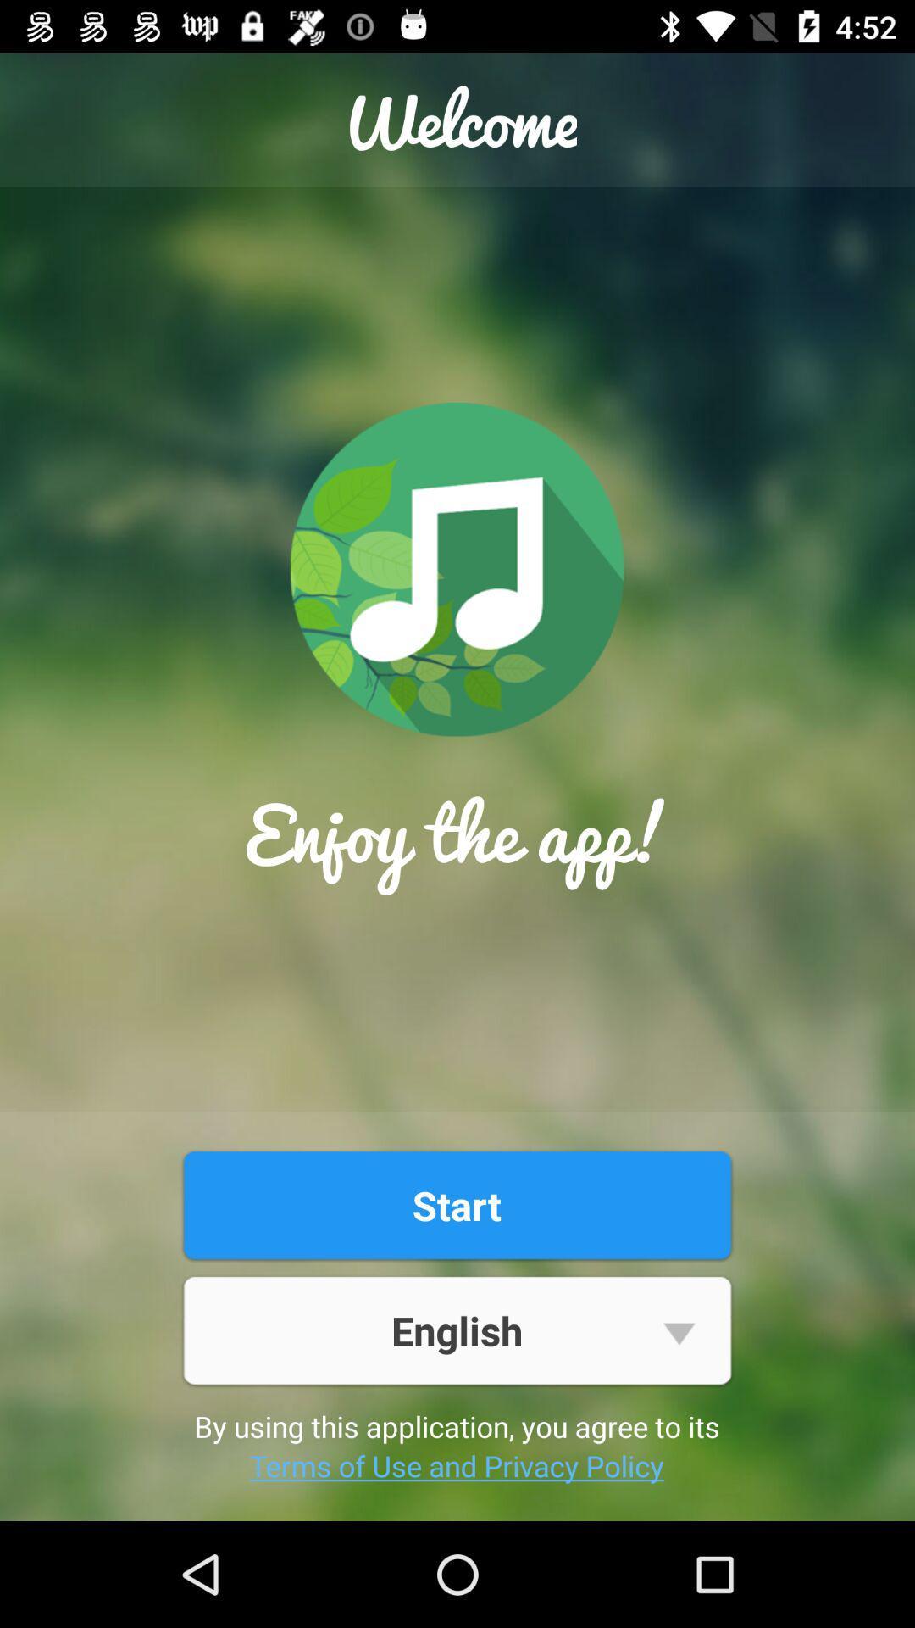 This screenshot has width=915, height=1628. What do you see at coordinates (456, 1204) in the screenshot?
I see `the item below enjoy the app!` at bounding box center [456, 1204].